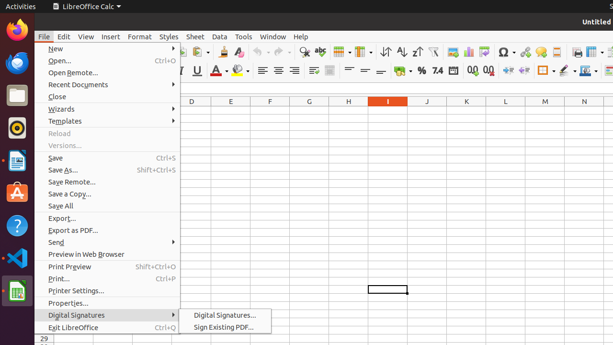  Describe the element at coordinates (107, 290) in the screenshot. I see `'Printer Settings...'` at that location.